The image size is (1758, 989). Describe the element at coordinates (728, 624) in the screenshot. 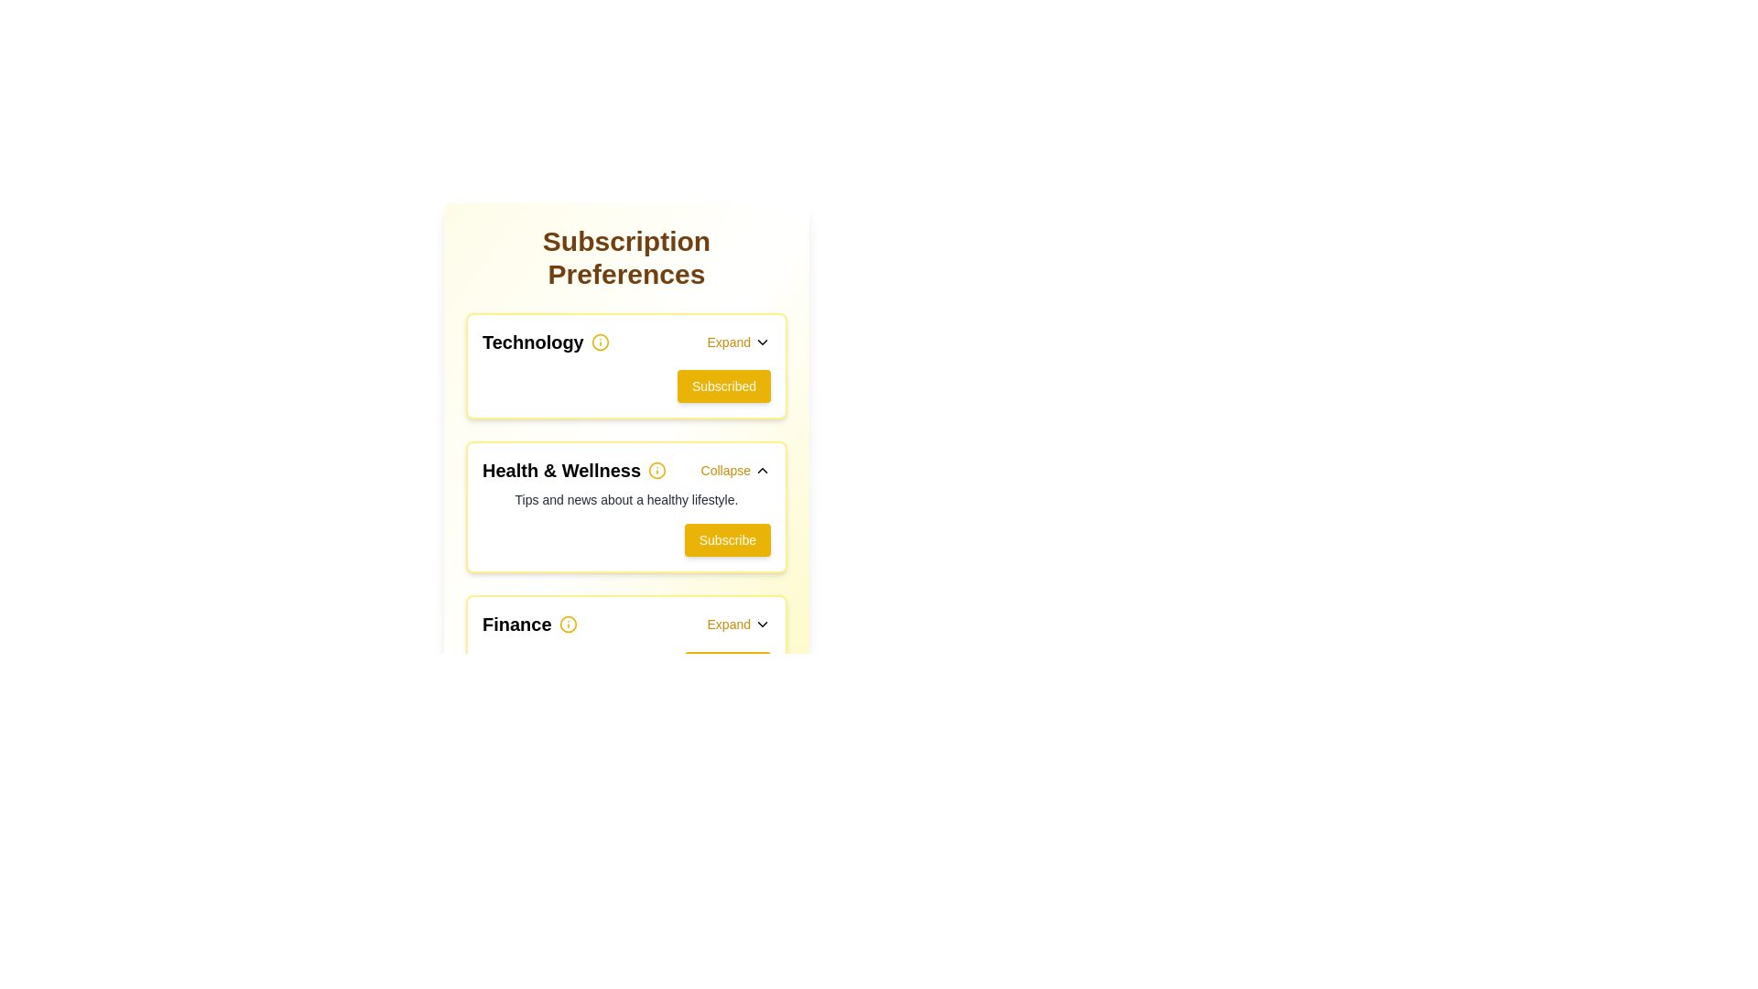

I see `the text label in the 'Finance' subscription section, which informs the user about the expandable section and is located adjacent to the dropdown arrow icon` at that location.